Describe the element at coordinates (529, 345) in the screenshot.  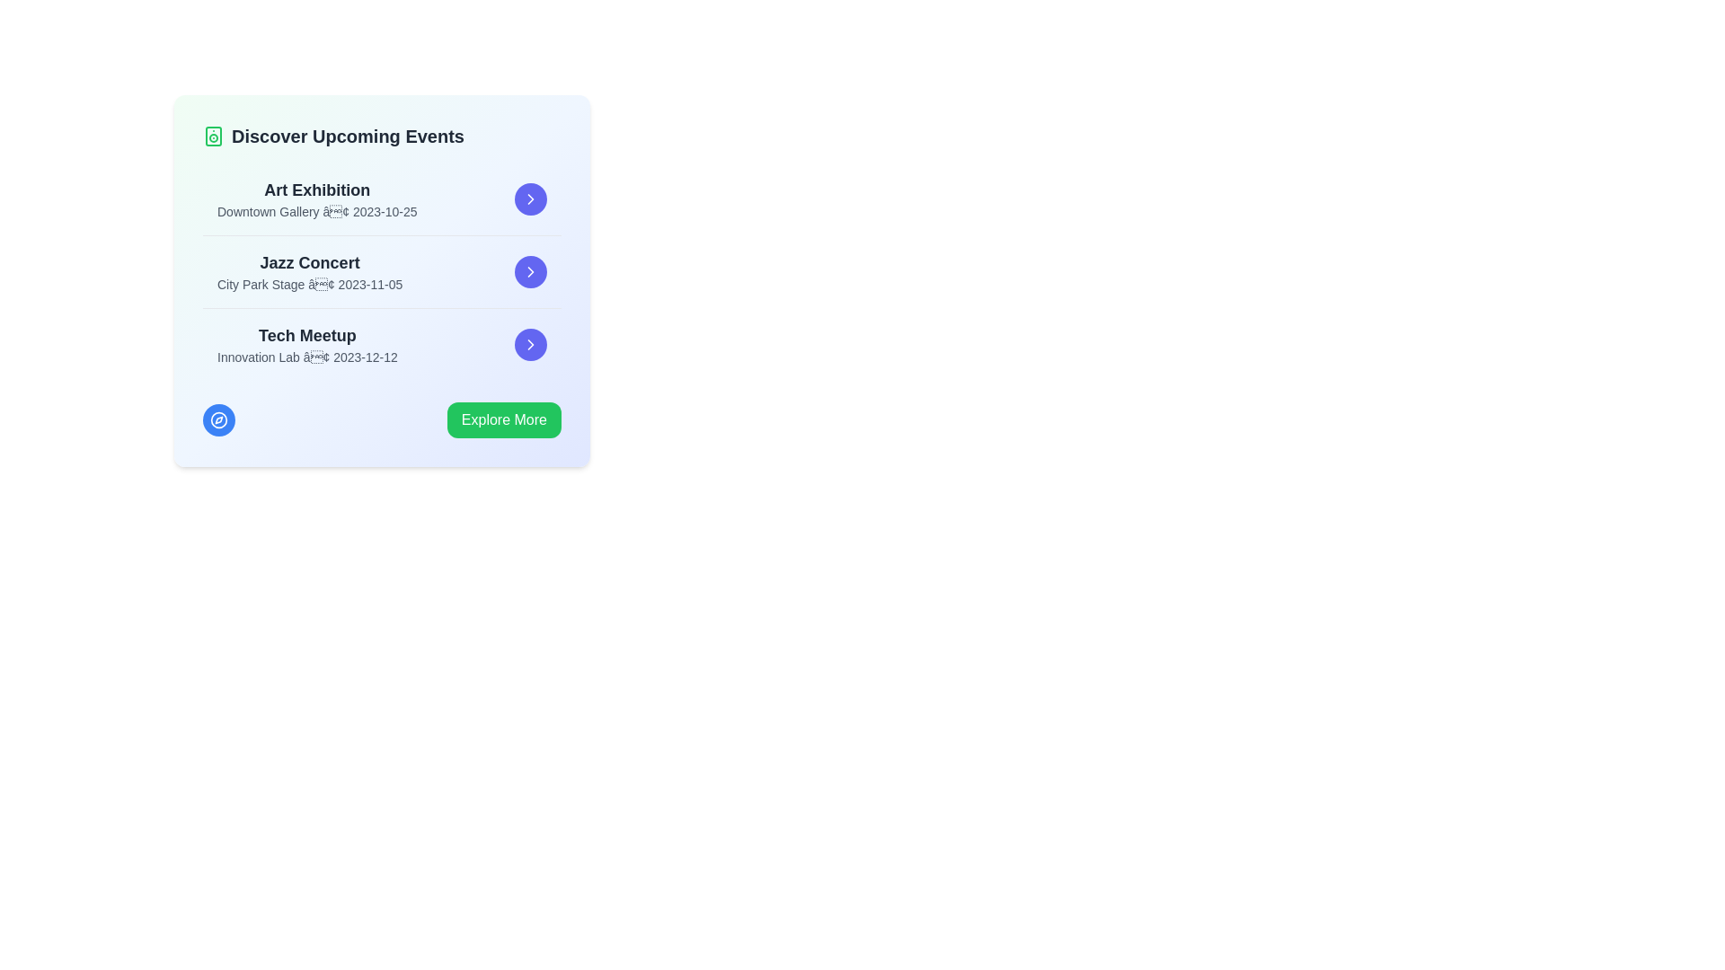
I see `the event details button for Tech Meetup` at that location.